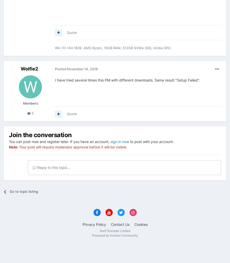  I want to click on 'November 14, 2018', so click(82, 68).